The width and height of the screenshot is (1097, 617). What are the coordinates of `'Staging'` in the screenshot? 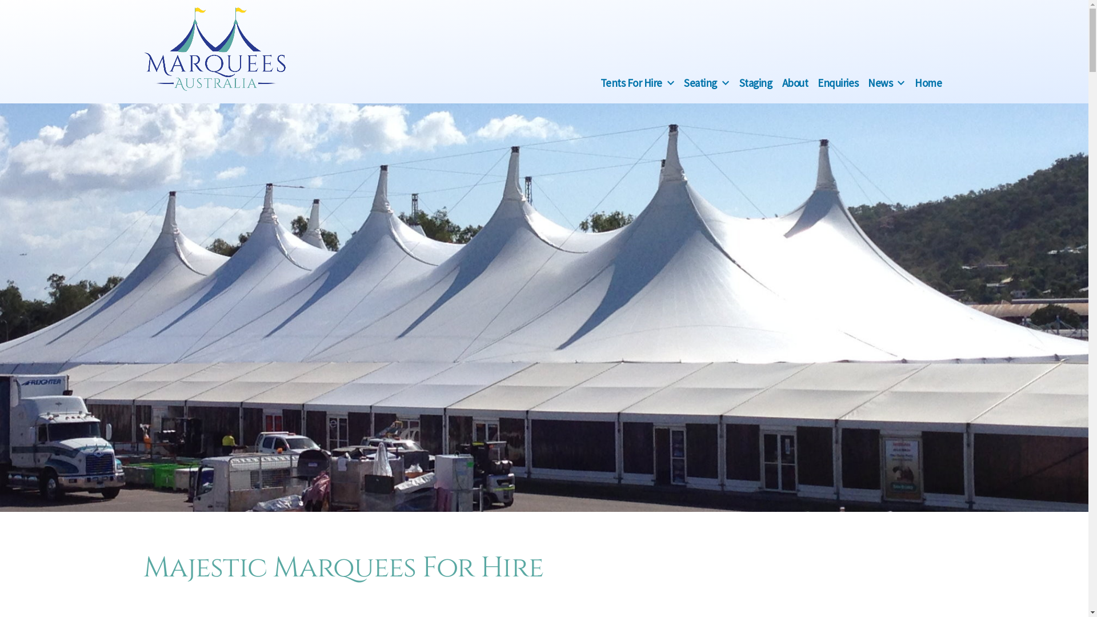 It's located at (756, 81).